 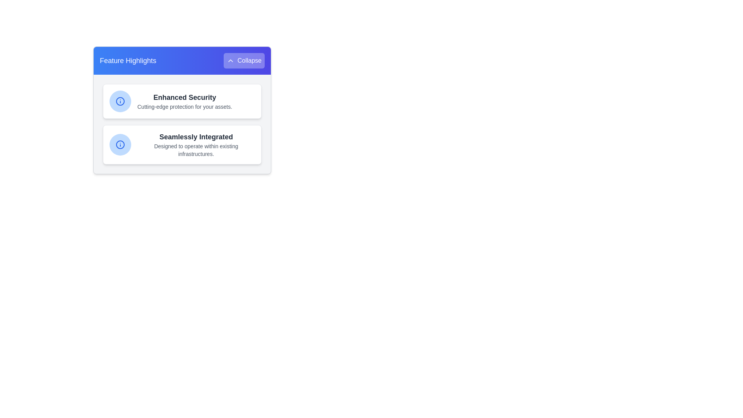 What do you see at coordinates (128, 60) in the screenshot?
I see `the informational Text Label located in the blue-gradient top section of a card-like component, which serves as a title heading and is positioned to the far left` at bounding box center [128, 60].